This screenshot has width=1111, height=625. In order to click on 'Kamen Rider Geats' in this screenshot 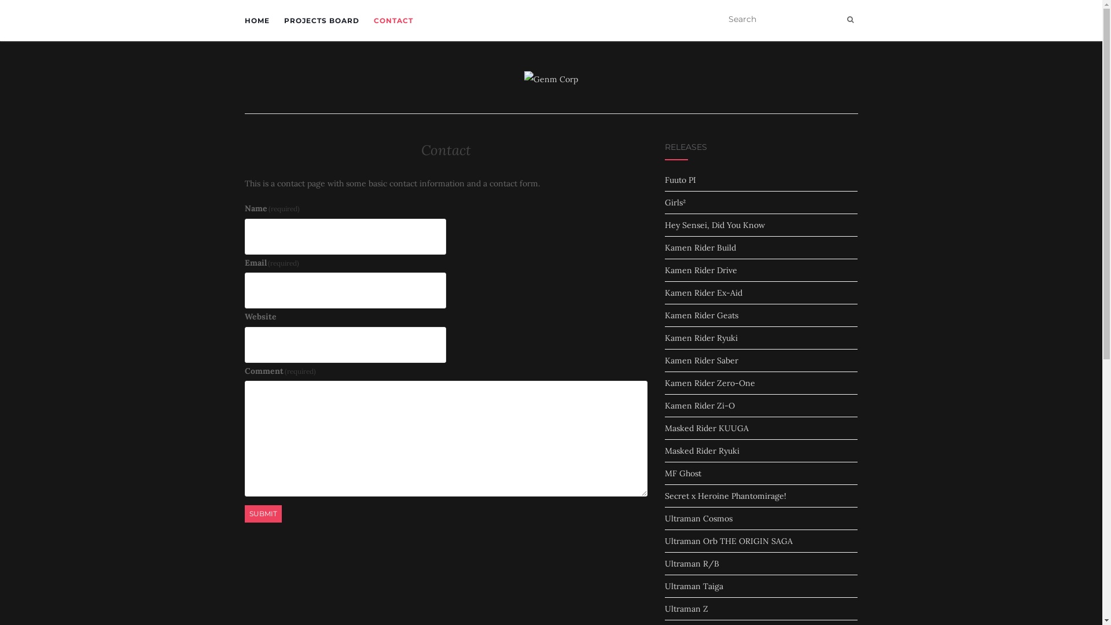, I will do `click(701, 315)`.